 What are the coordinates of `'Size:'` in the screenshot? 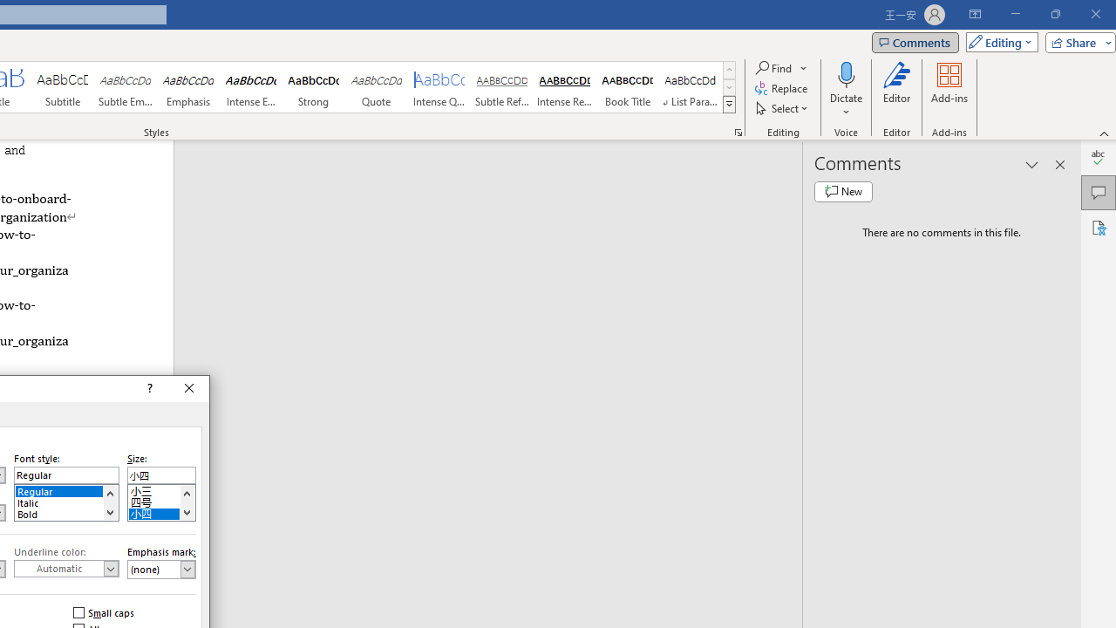 It's located at (161, 475).